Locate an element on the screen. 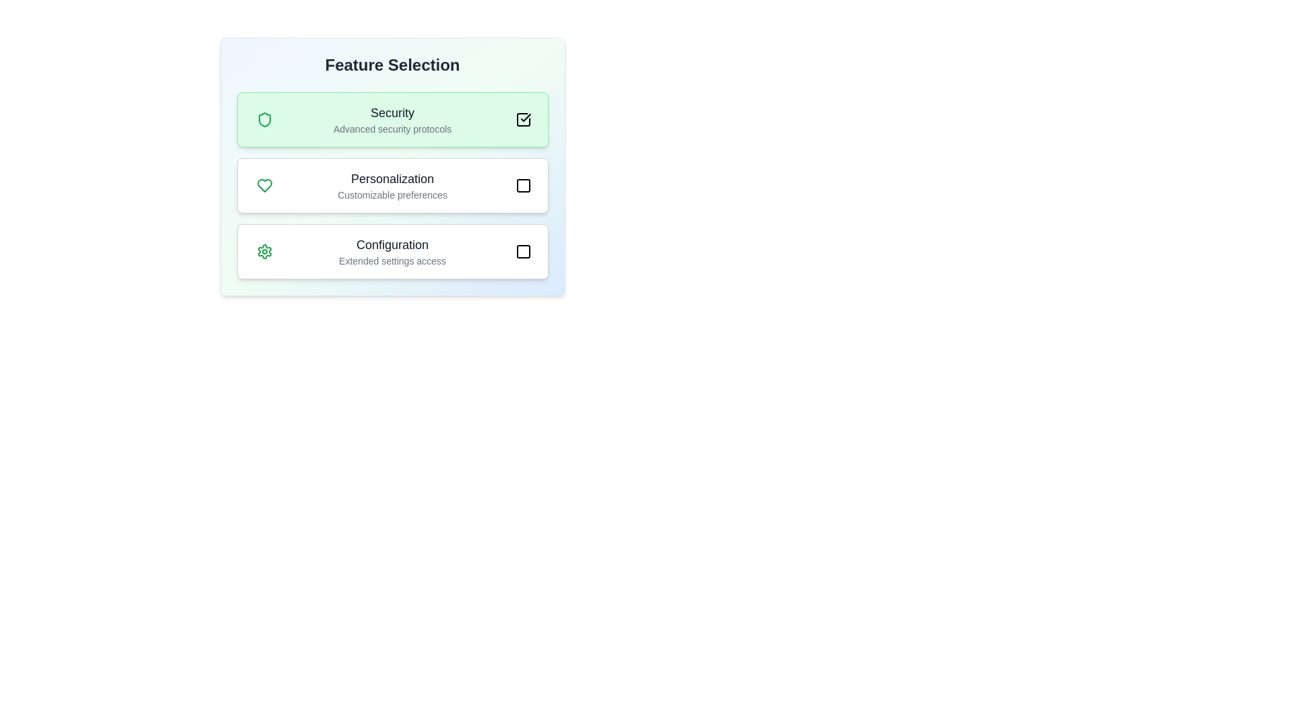  the checkbox located in the 'Personalization' section next to the 'Customizable preferences' text is located at coordinates (522, 186).